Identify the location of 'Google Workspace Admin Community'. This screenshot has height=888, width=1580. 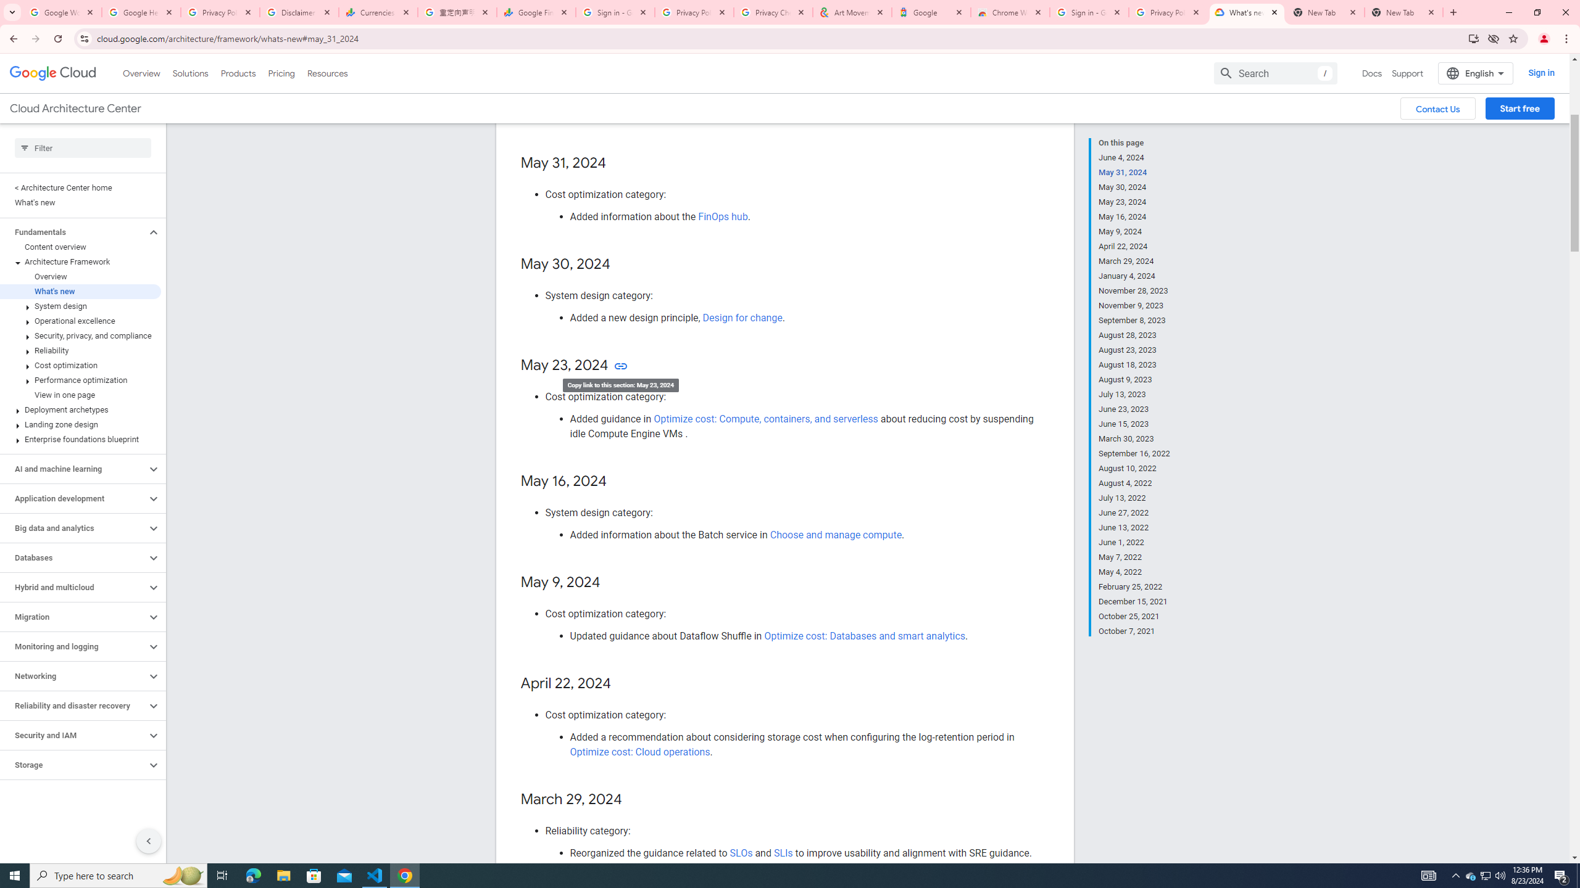
(62, 12).